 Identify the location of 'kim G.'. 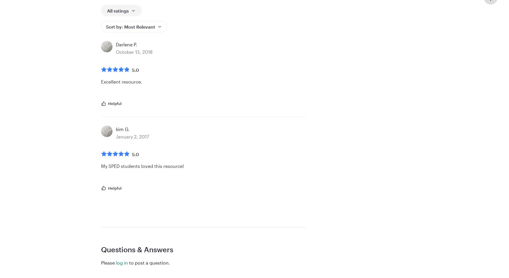
(116, 129).